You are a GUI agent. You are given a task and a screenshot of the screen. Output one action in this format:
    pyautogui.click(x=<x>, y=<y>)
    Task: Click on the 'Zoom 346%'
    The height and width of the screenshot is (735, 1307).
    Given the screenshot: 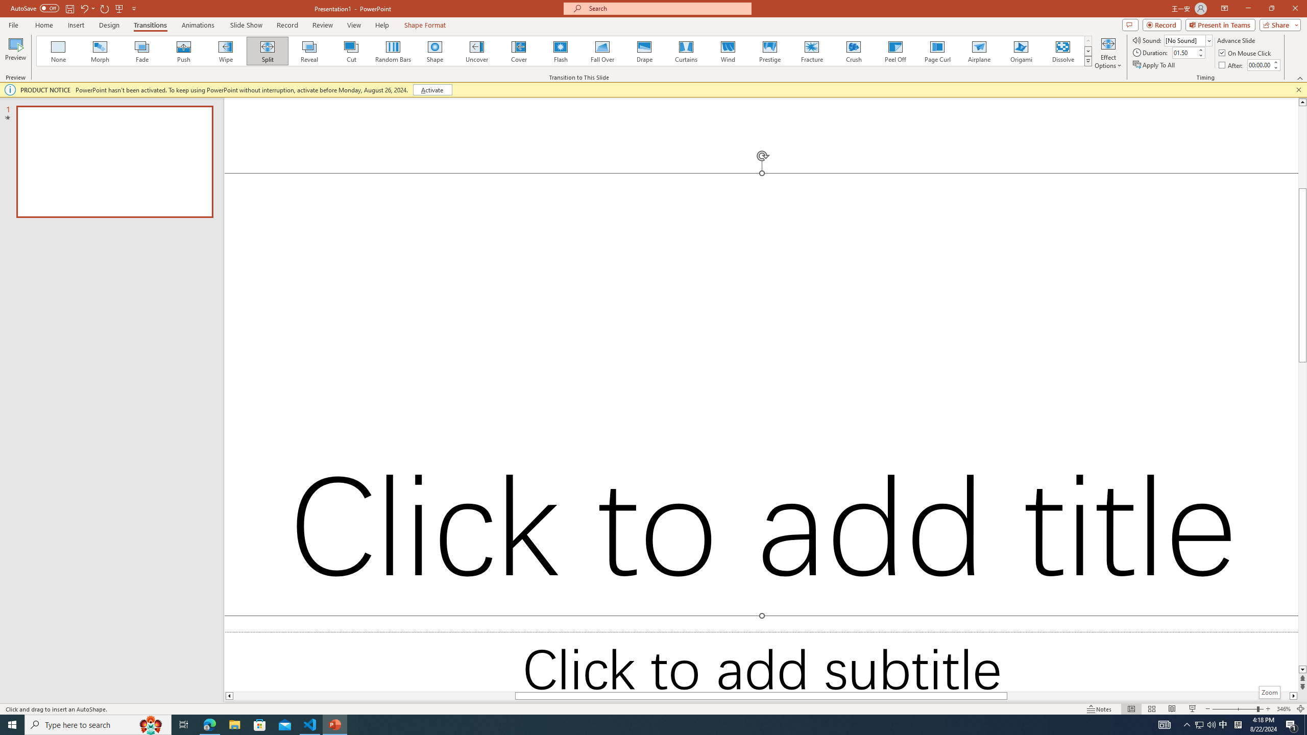 What is the action you would take?
    pyautogui.click(x=1284, y=709)
    